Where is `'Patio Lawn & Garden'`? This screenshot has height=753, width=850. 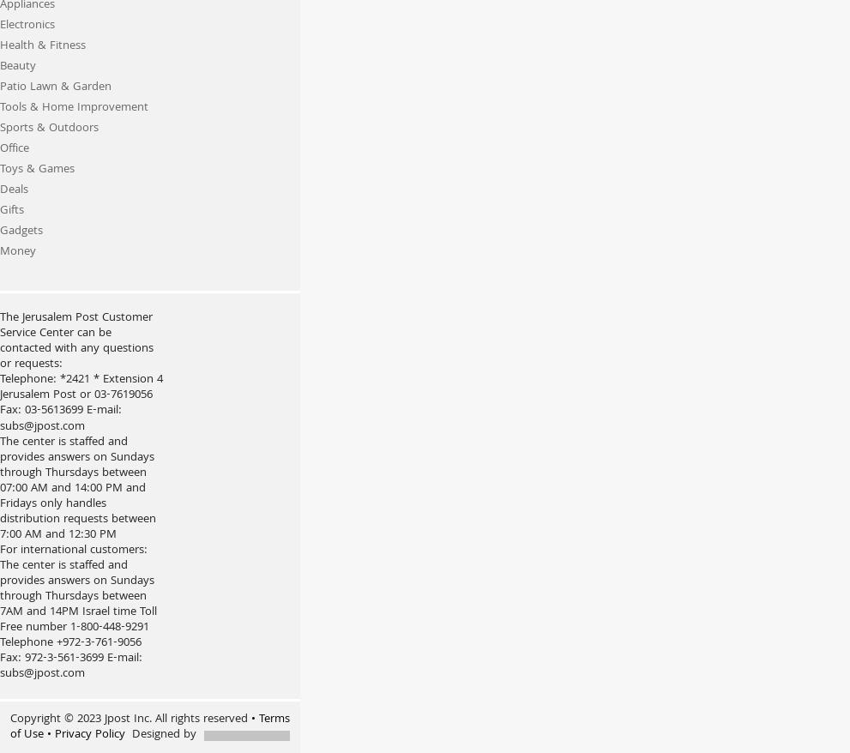 'Patio Lawn & Garden' is located at coordinates (56, 87).